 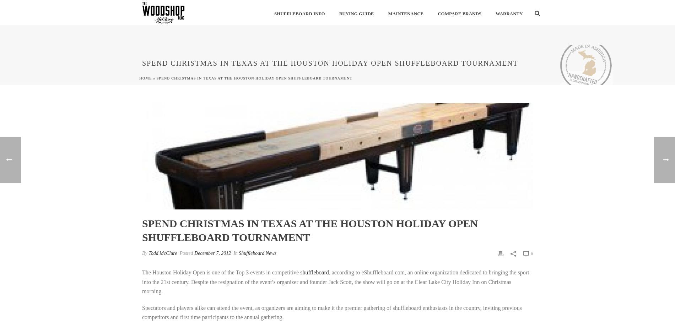 I want to click on 'The Houston Holiday Open is one of the Top 3 events in competitive', so click(x=221, y=272).